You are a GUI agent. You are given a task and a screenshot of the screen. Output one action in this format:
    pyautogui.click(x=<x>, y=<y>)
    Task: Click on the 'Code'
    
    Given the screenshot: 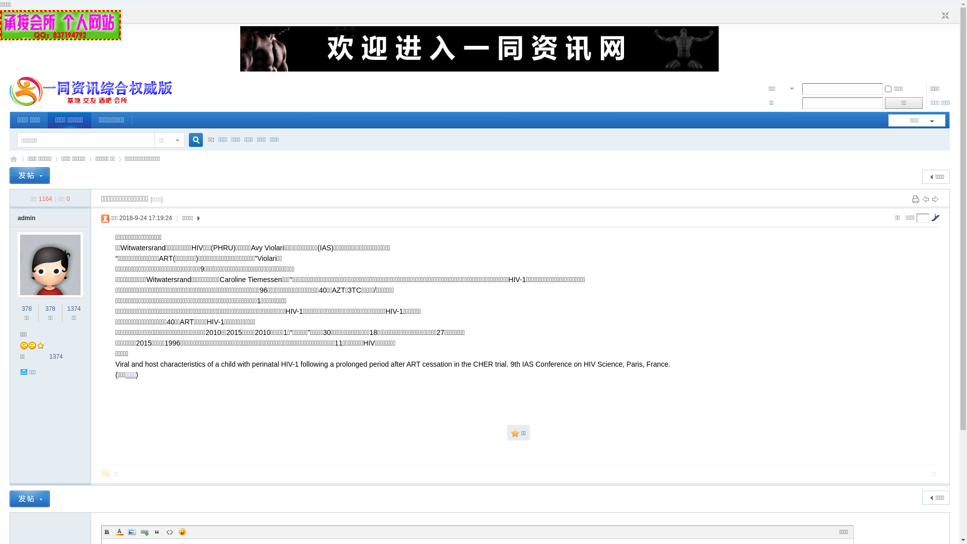 What is the action you would take?
    pyautogui.click(x=169, y=531)
    